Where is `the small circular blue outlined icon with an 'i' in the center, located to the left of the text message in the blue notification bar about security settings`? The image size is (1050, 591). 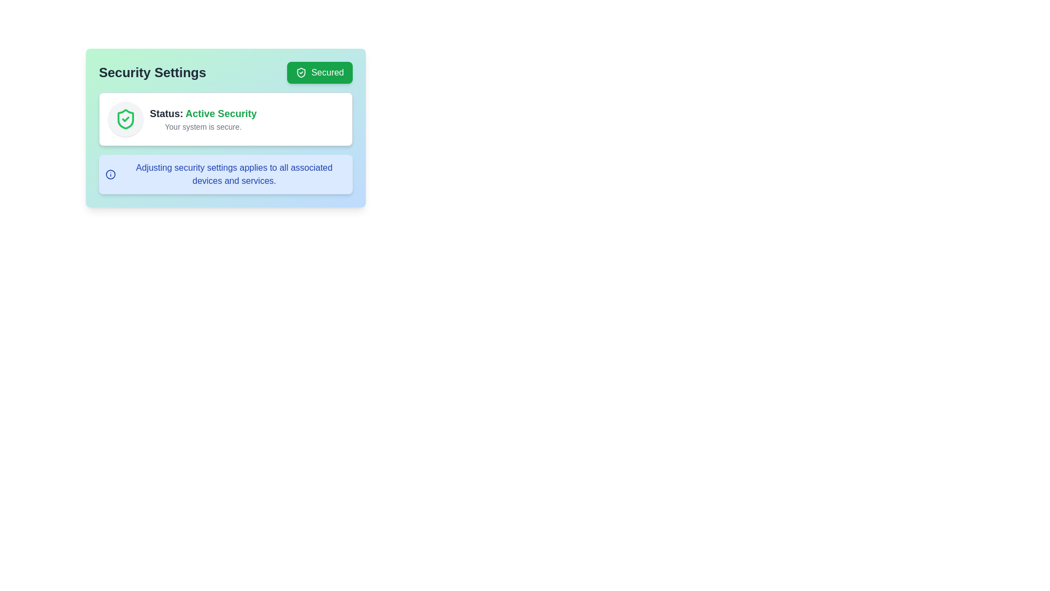 the small circular blue outlined icon with an 'i' in the center, located to the left of the text message in the blue notification bar about security settings is located at coordinates (110, 174).